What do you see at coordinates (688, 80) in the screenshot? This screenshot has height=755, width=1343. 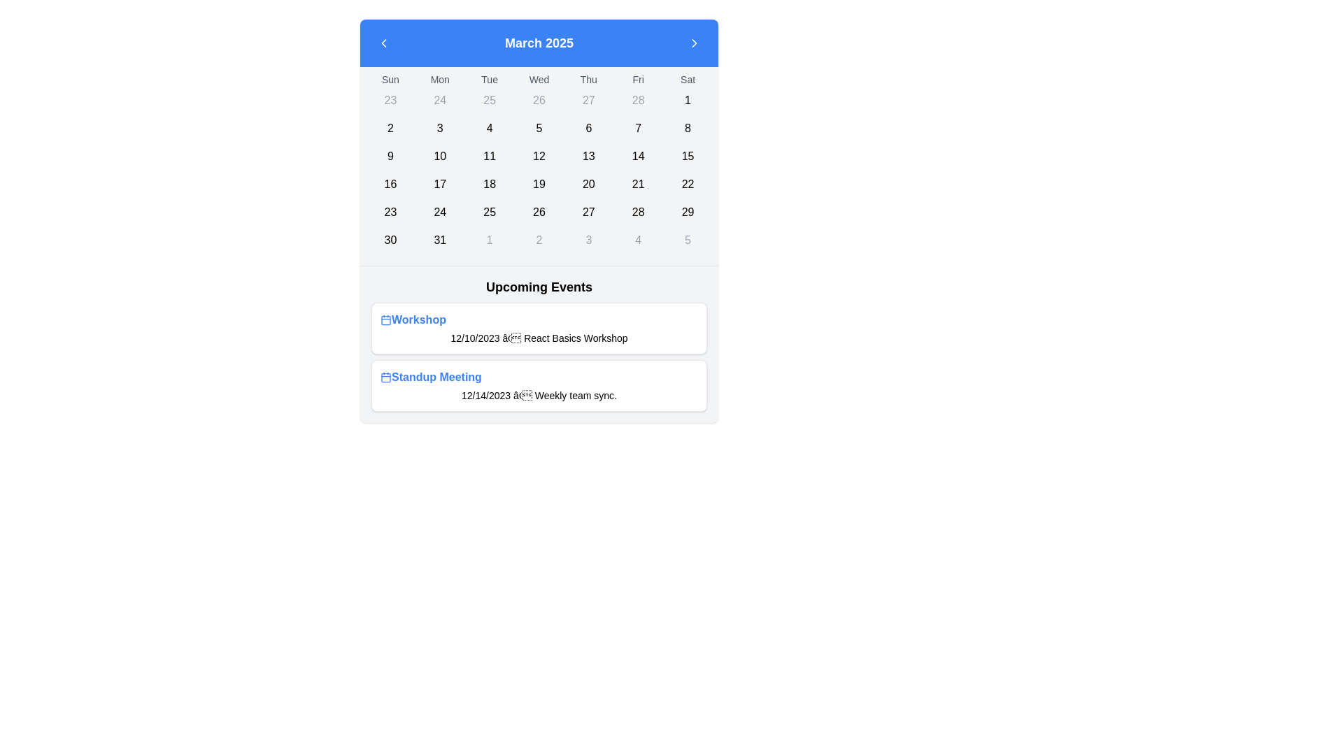 I see `the static text label indicating the header title for the Saturday column in the calendar interface` at bounding box center [688, 80].